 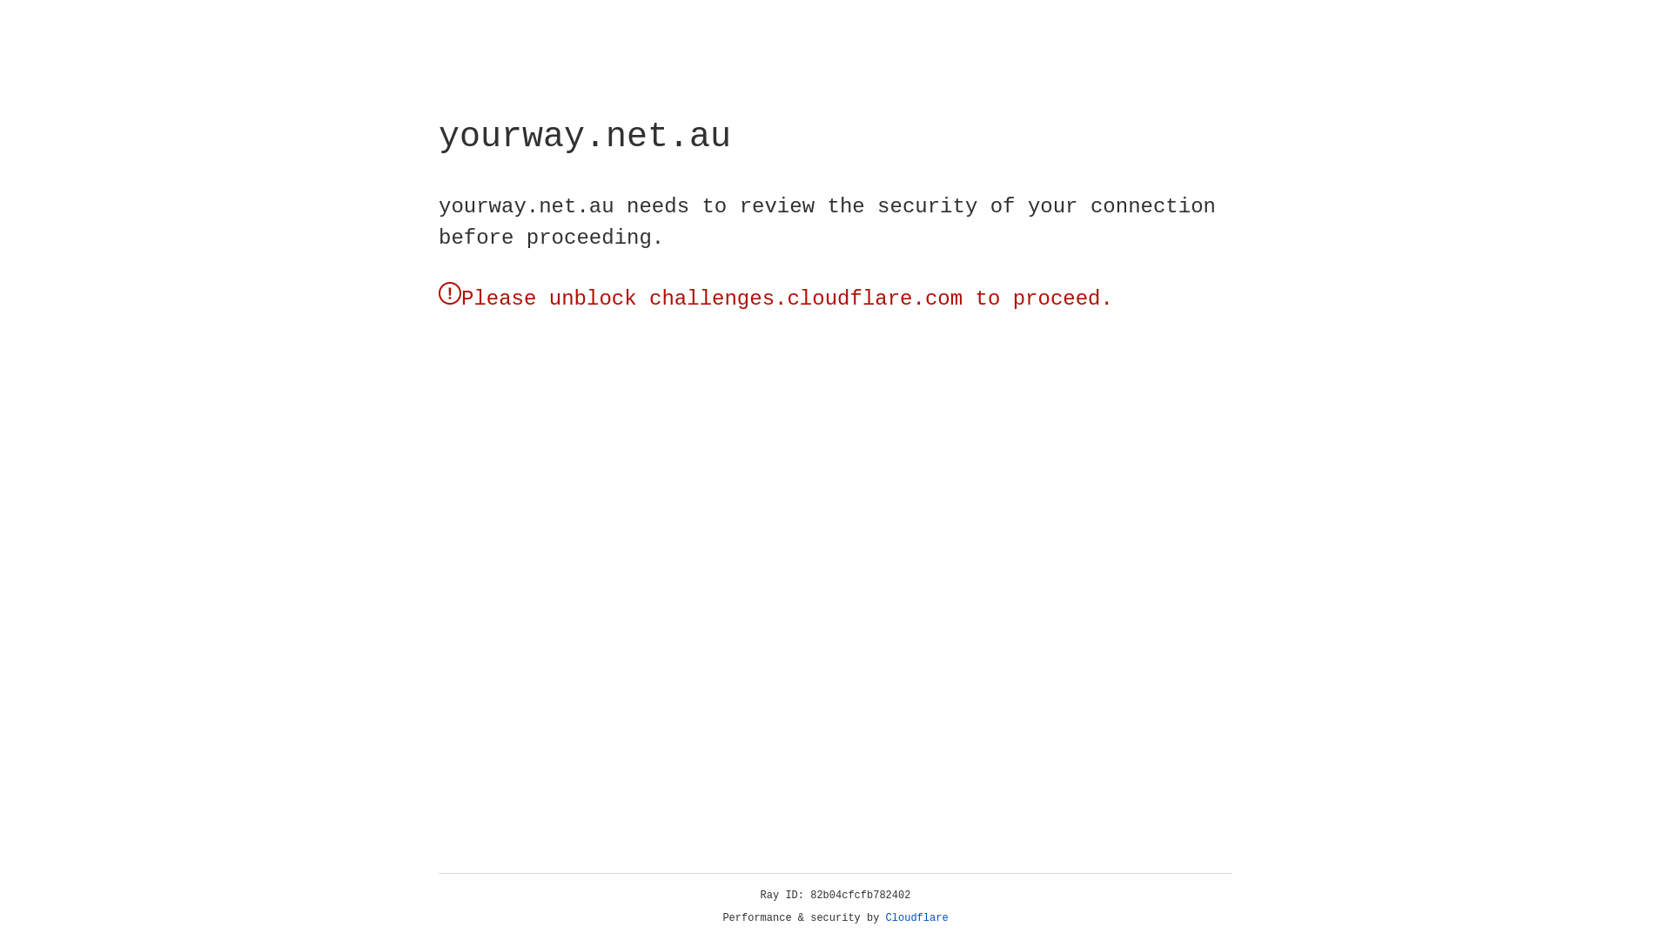 I want to click on 'Cloudflare', so click(x=916, y=917).